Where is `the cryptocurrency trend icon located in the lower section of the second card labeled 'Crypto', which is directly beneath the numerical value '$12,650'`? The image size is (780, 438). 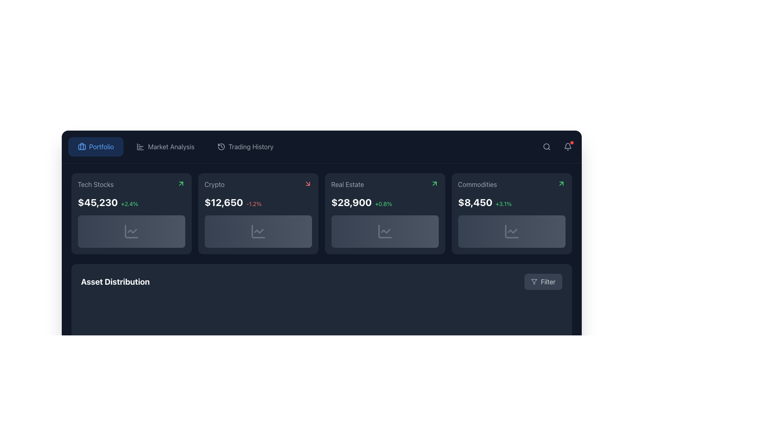 the cryptocurrency trend icon located in the lower section of the second card labeled 'Crypto', which is directly beneath the numerical value '$12,650' is located at coordinates (258, 231).